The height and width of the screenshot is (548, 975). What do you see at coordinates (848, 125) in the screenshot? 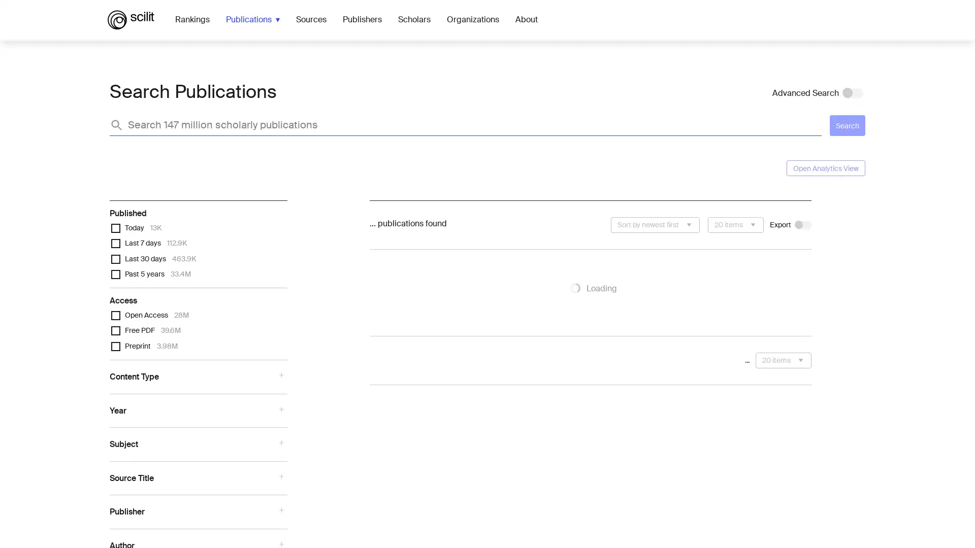
I see `Search` at bounding box center [848, 125].